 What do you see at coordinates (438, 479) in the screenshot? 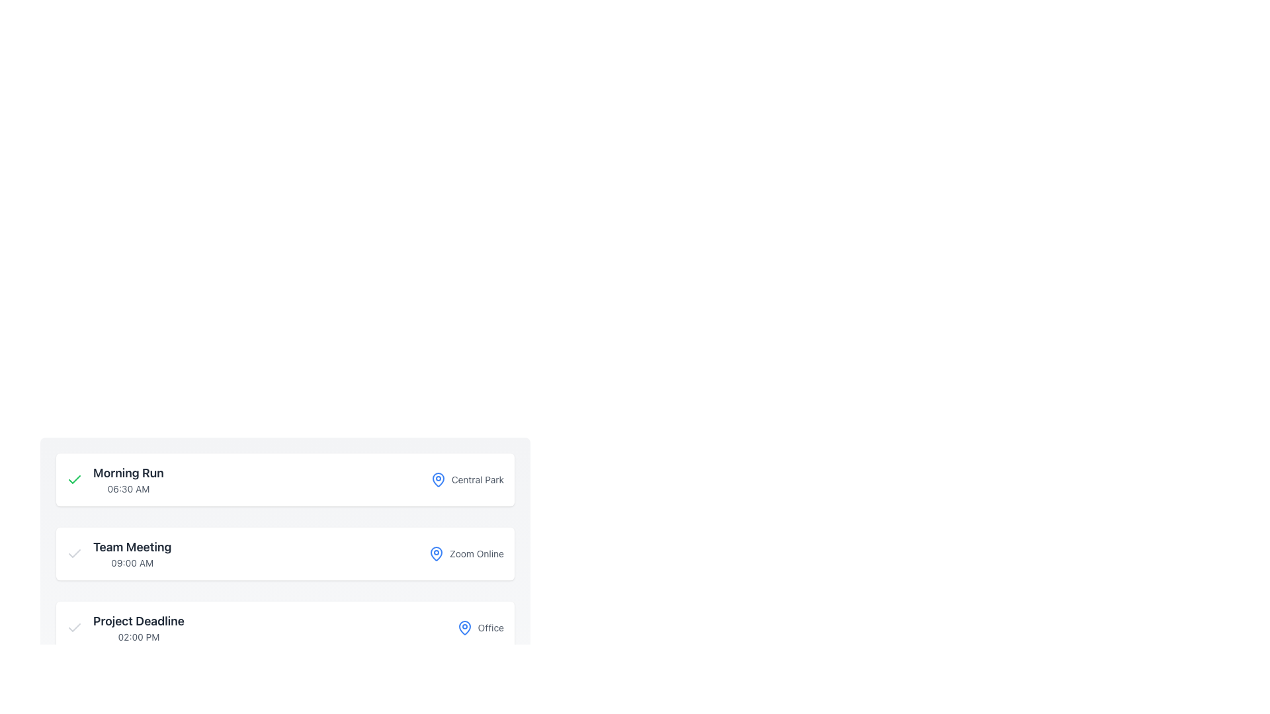
I see `the blue pin-like SVG icon associated with the 'Central Park' schedule entry located near the first list item` at bounding box center [438, 479].